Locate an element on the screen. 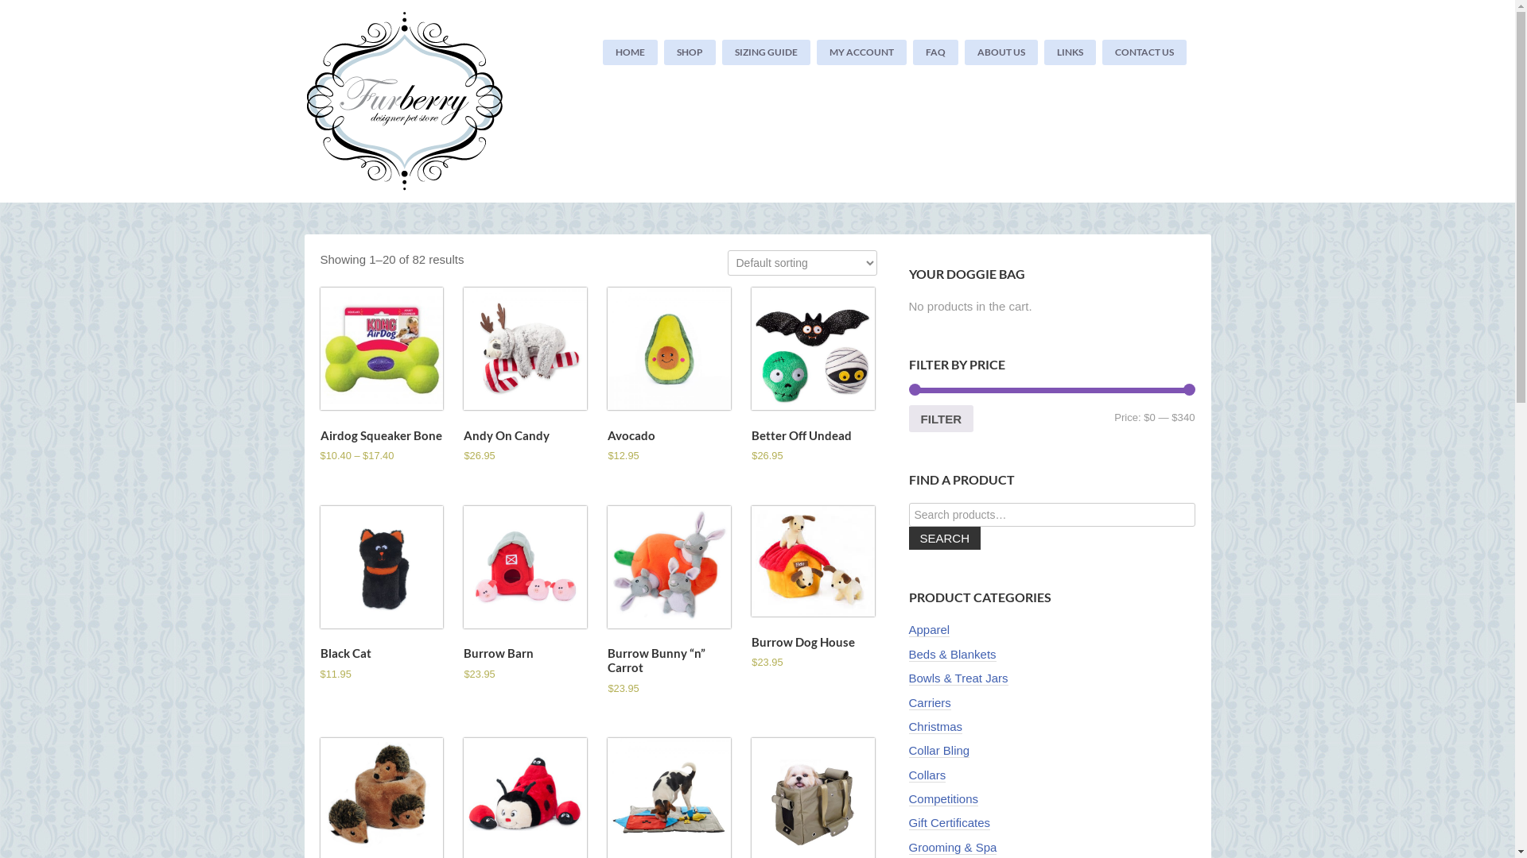 Image resolution: width=1527 pixels, height=858 pixels. 'Better Off Undead is located at coordinates (751, 376).